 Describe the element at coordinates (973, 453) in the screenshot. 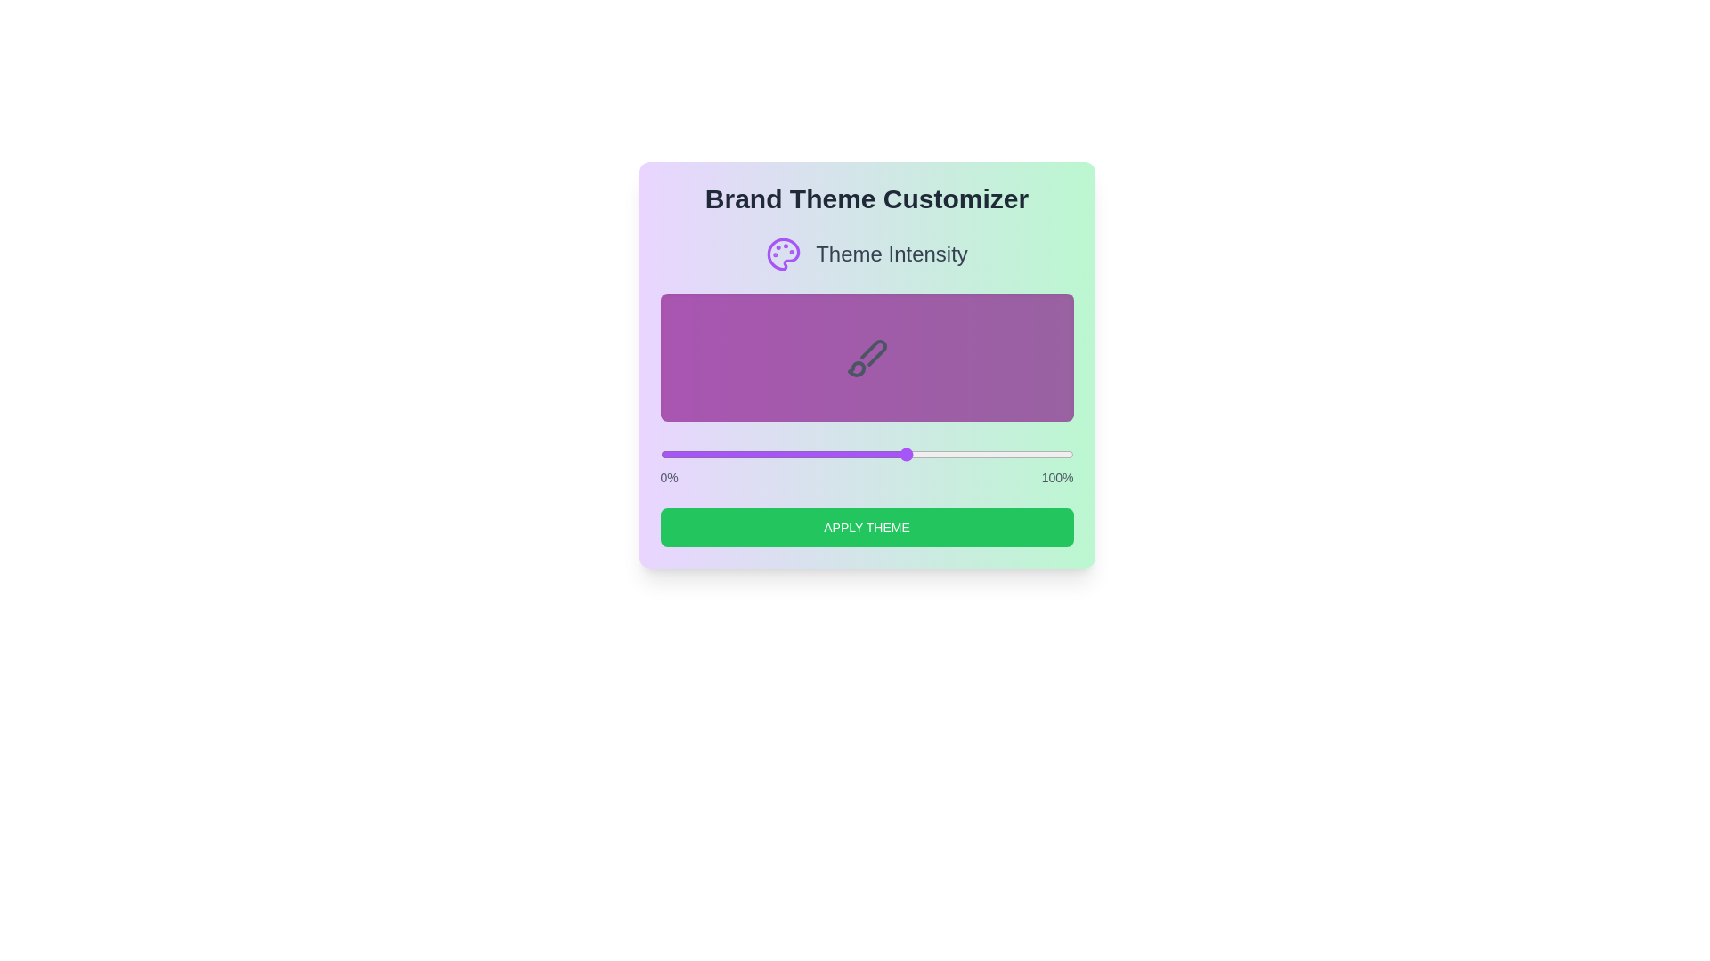

I see `the theme intensity to 76 percent using the slider` at that location.